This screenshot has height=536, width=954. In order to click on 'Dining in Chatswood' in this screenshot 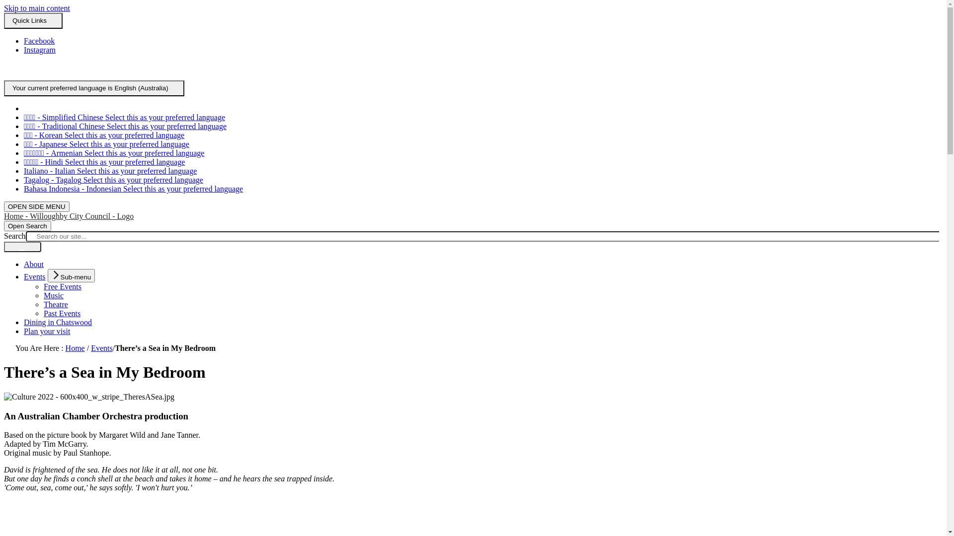, I will do `click(57, 322)`.